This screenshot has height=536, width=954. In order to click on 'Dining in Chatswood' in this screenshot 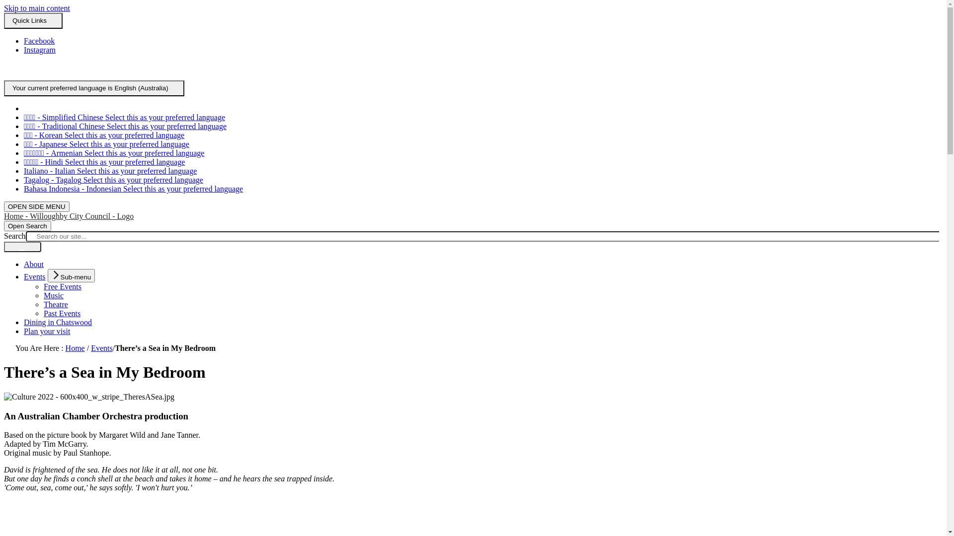, I will do `click(57, 322)`.